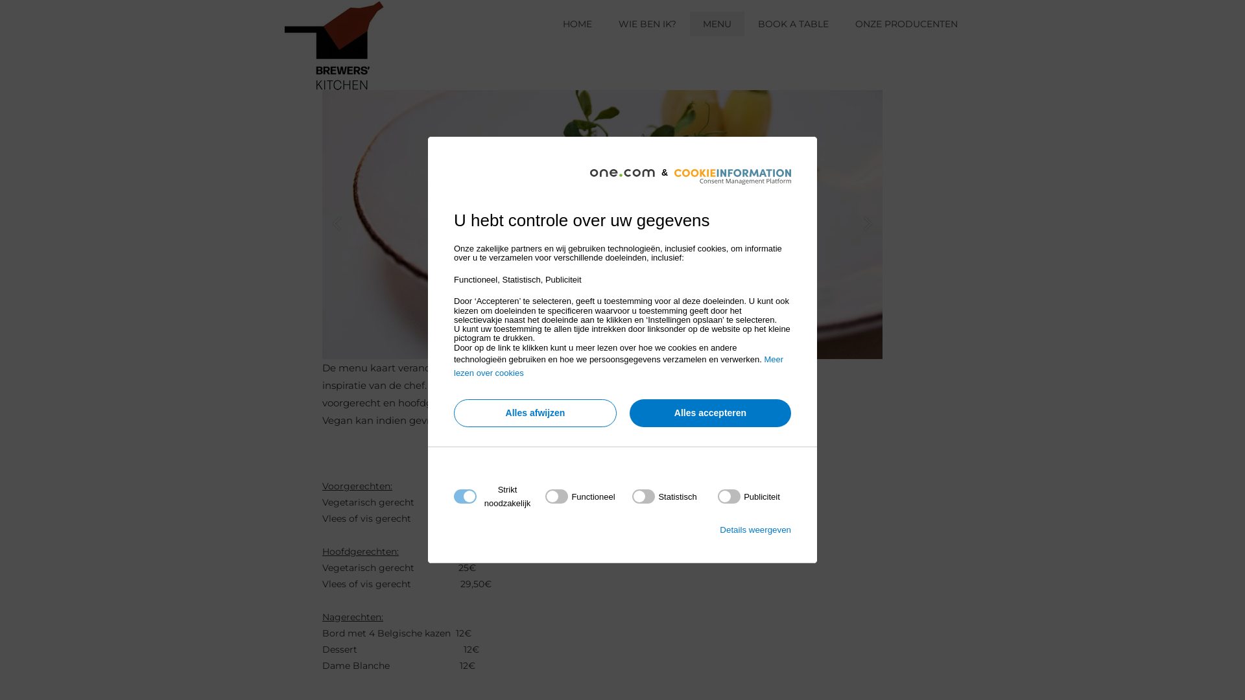  What do you see at coordinates (905, 24) in the screenshot?
I see `'ONZE PRODUCENTEN'` at bounding box center [905, 24].